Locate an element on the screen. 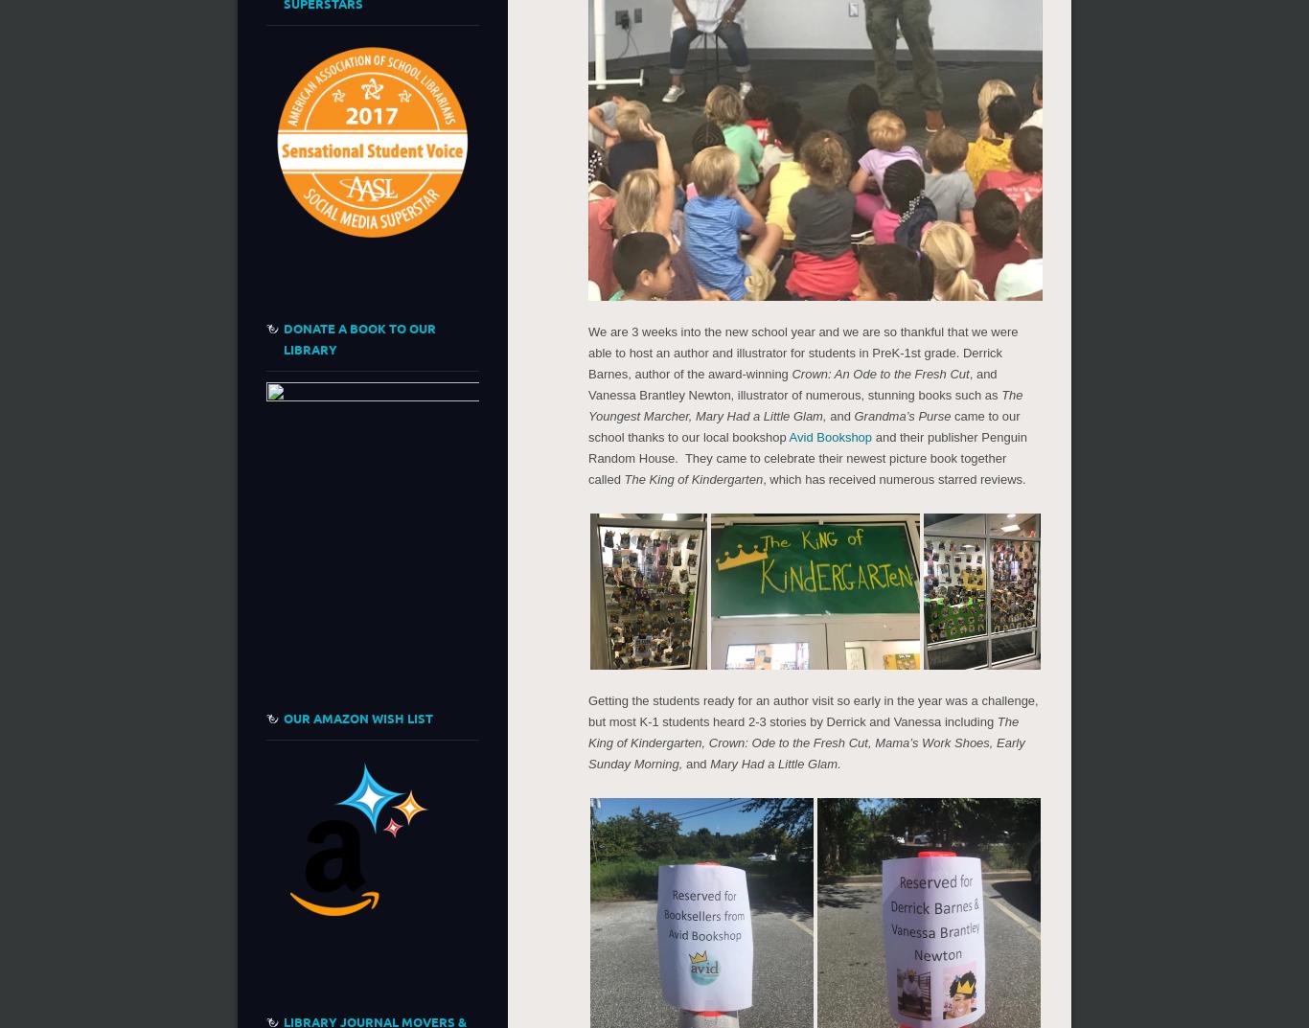  'Avid Bookshop' is located at coordinates (829, 436).